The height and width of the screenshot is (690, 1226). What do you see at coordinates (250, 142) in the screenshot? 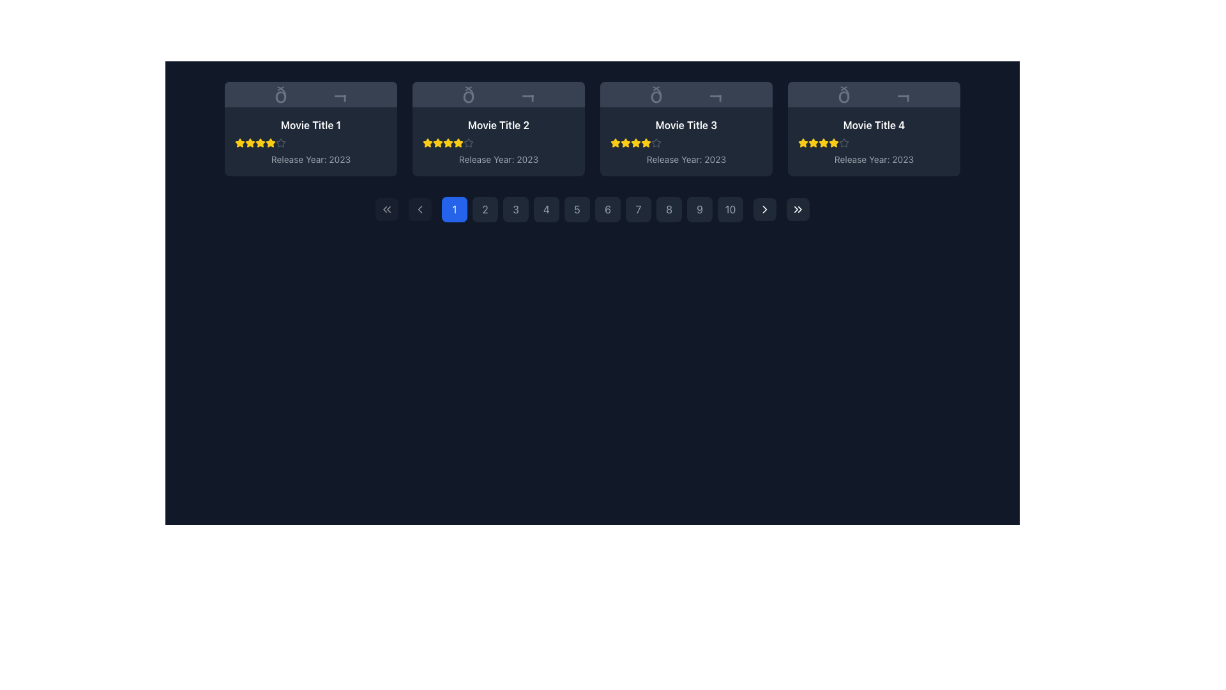
I see `the leftmost star icon in the rating component for 'Movie Title 1' to interact with the rating` at bounding box center [250, 142].